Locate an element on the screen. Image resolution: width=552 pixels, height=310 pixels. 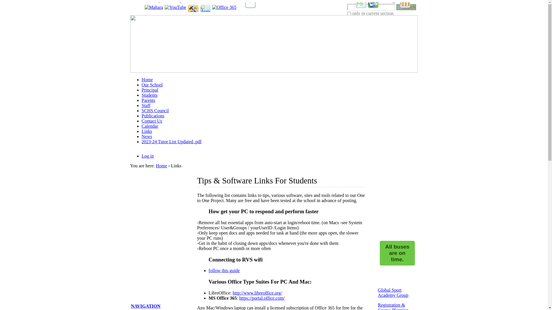
'http://www.libreoffice.org/' is located at coordinates (257, 293).